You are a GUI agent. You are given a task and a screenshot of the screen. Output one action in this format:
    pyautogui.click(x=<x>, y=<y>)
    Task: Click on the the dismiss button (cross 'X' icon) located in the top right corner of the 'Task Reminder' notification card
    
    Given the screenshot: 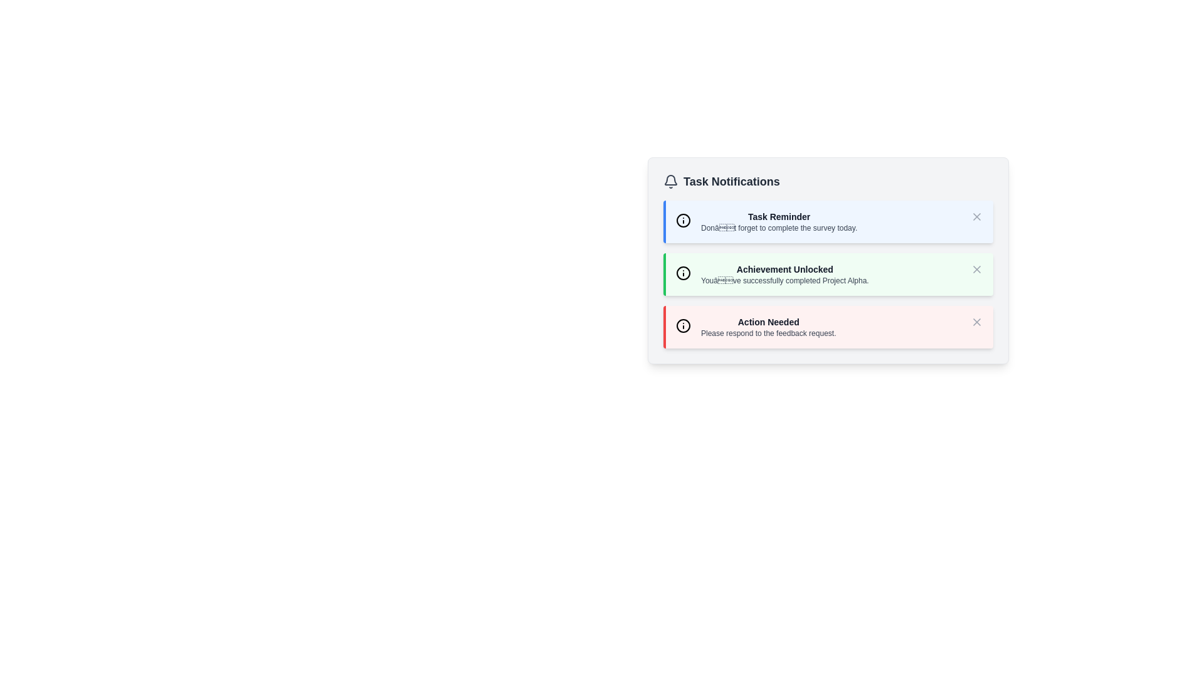 What is the action you would take?
    pyautogui.click(x=976, y=216)
    